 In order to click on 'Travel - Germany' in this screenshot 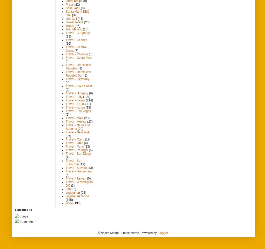, I will do `click(66, 79)`.